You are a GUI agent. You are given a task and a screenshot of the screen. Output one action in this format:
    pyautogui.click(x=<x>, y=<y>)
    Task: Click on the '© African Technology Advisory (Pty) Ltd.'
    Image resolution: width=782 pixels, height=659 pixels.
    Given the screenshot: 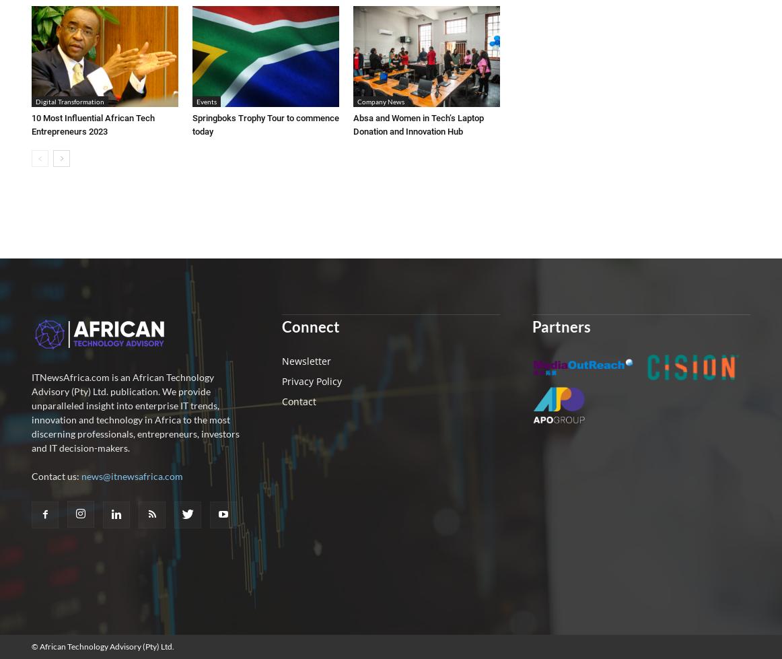 What is the action you would take?
    pyautogui.click(x=102, y=646)
    